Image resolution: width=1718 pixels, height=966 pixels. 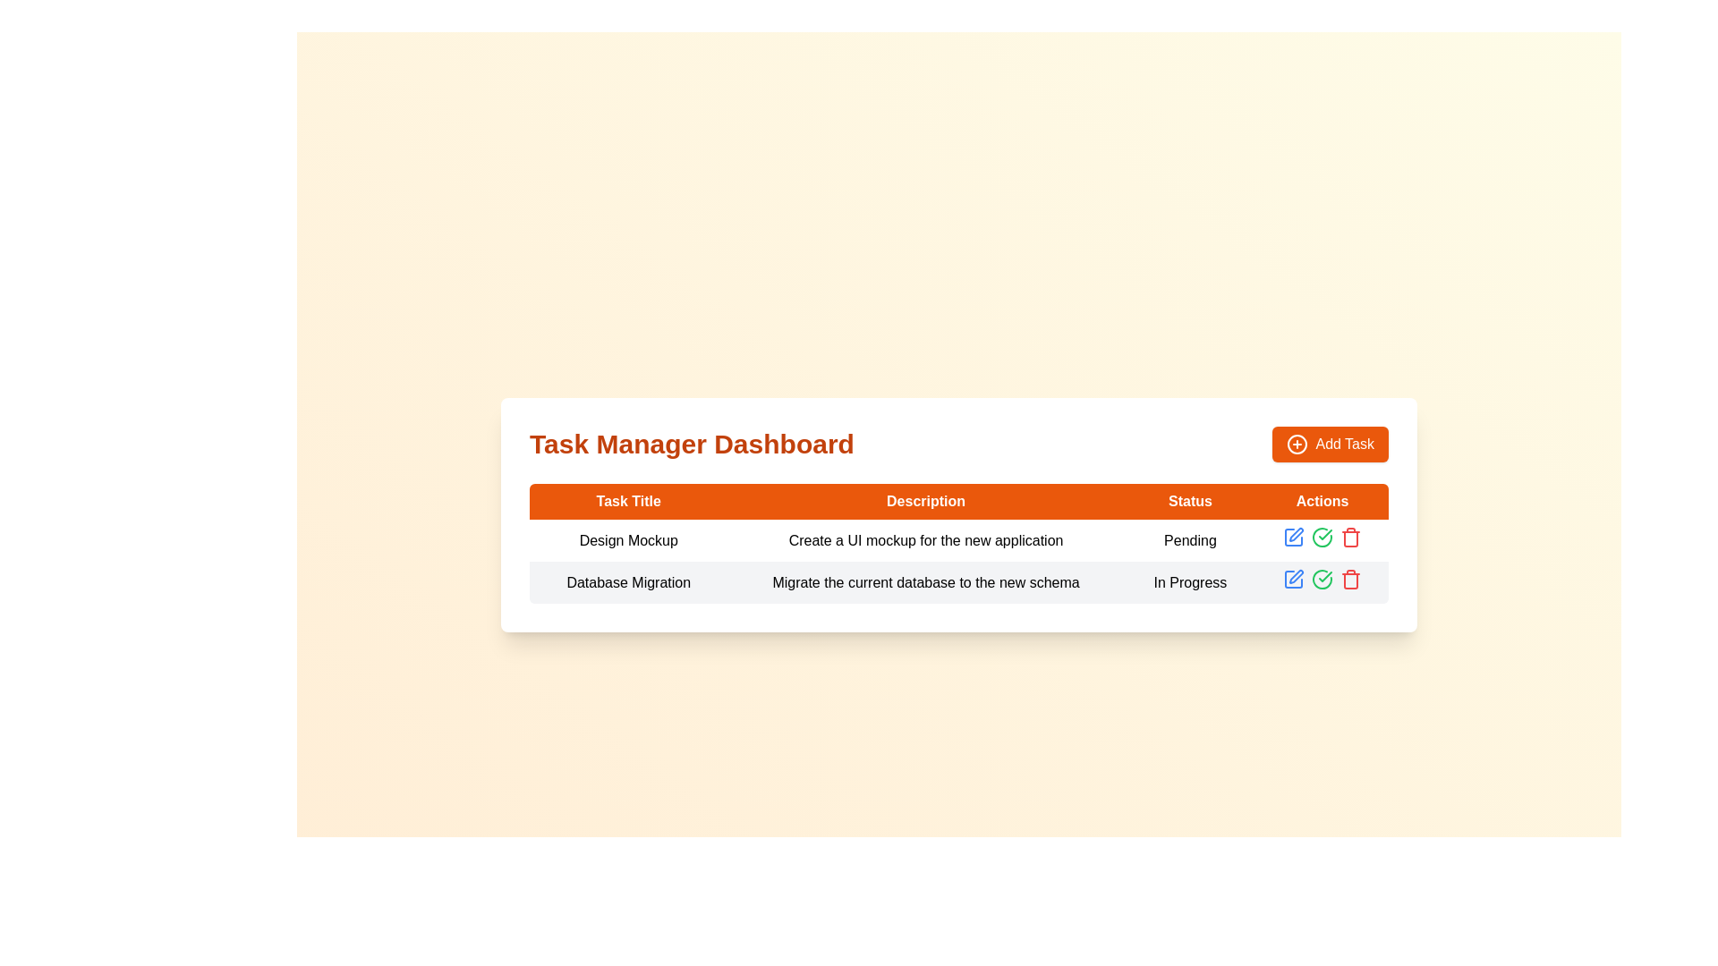 I want to click on the circular '+' icon located in the upper-right corner of the content card, so click(x=1297, y=444).